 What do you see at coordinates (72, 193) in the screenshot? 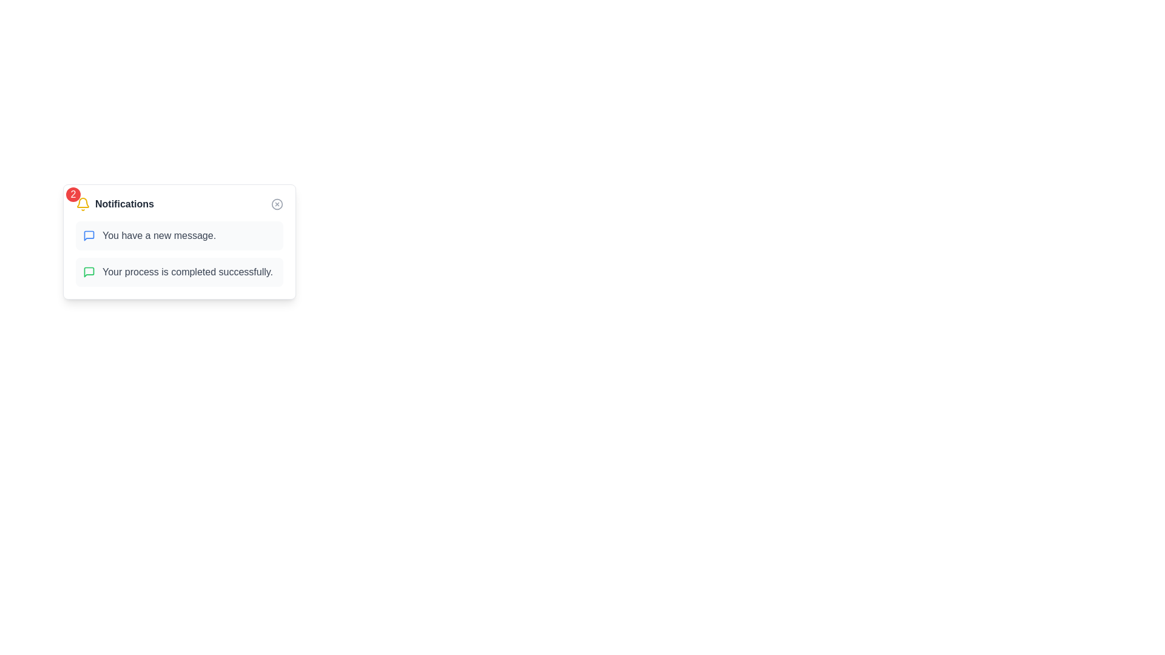
I see `the Badge that indicates the number of notifications, located at the top-left corner of the notification modal, near the bell icon and above the title 'Notifications'` at bounding box center [72, 193].